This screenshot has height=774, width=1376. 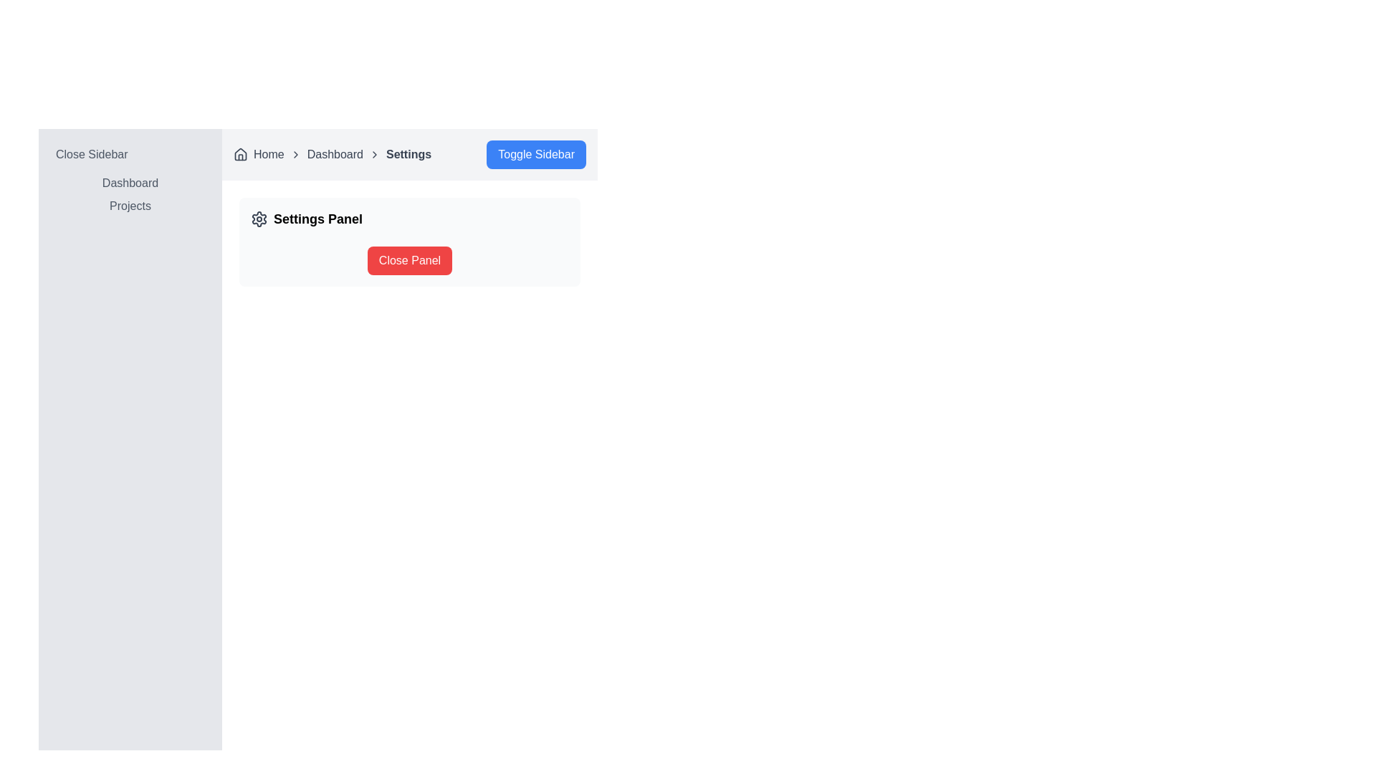 What do you see at coordinates (408, 242) in the screenshot?
I see `the 'Close Panel' button on the Settings Panel, which is a rectangular panel with a light gray background and rounded corners, containing a header labeled 'Settings Panel' and a red button below it` at bounding box center [408, 242].